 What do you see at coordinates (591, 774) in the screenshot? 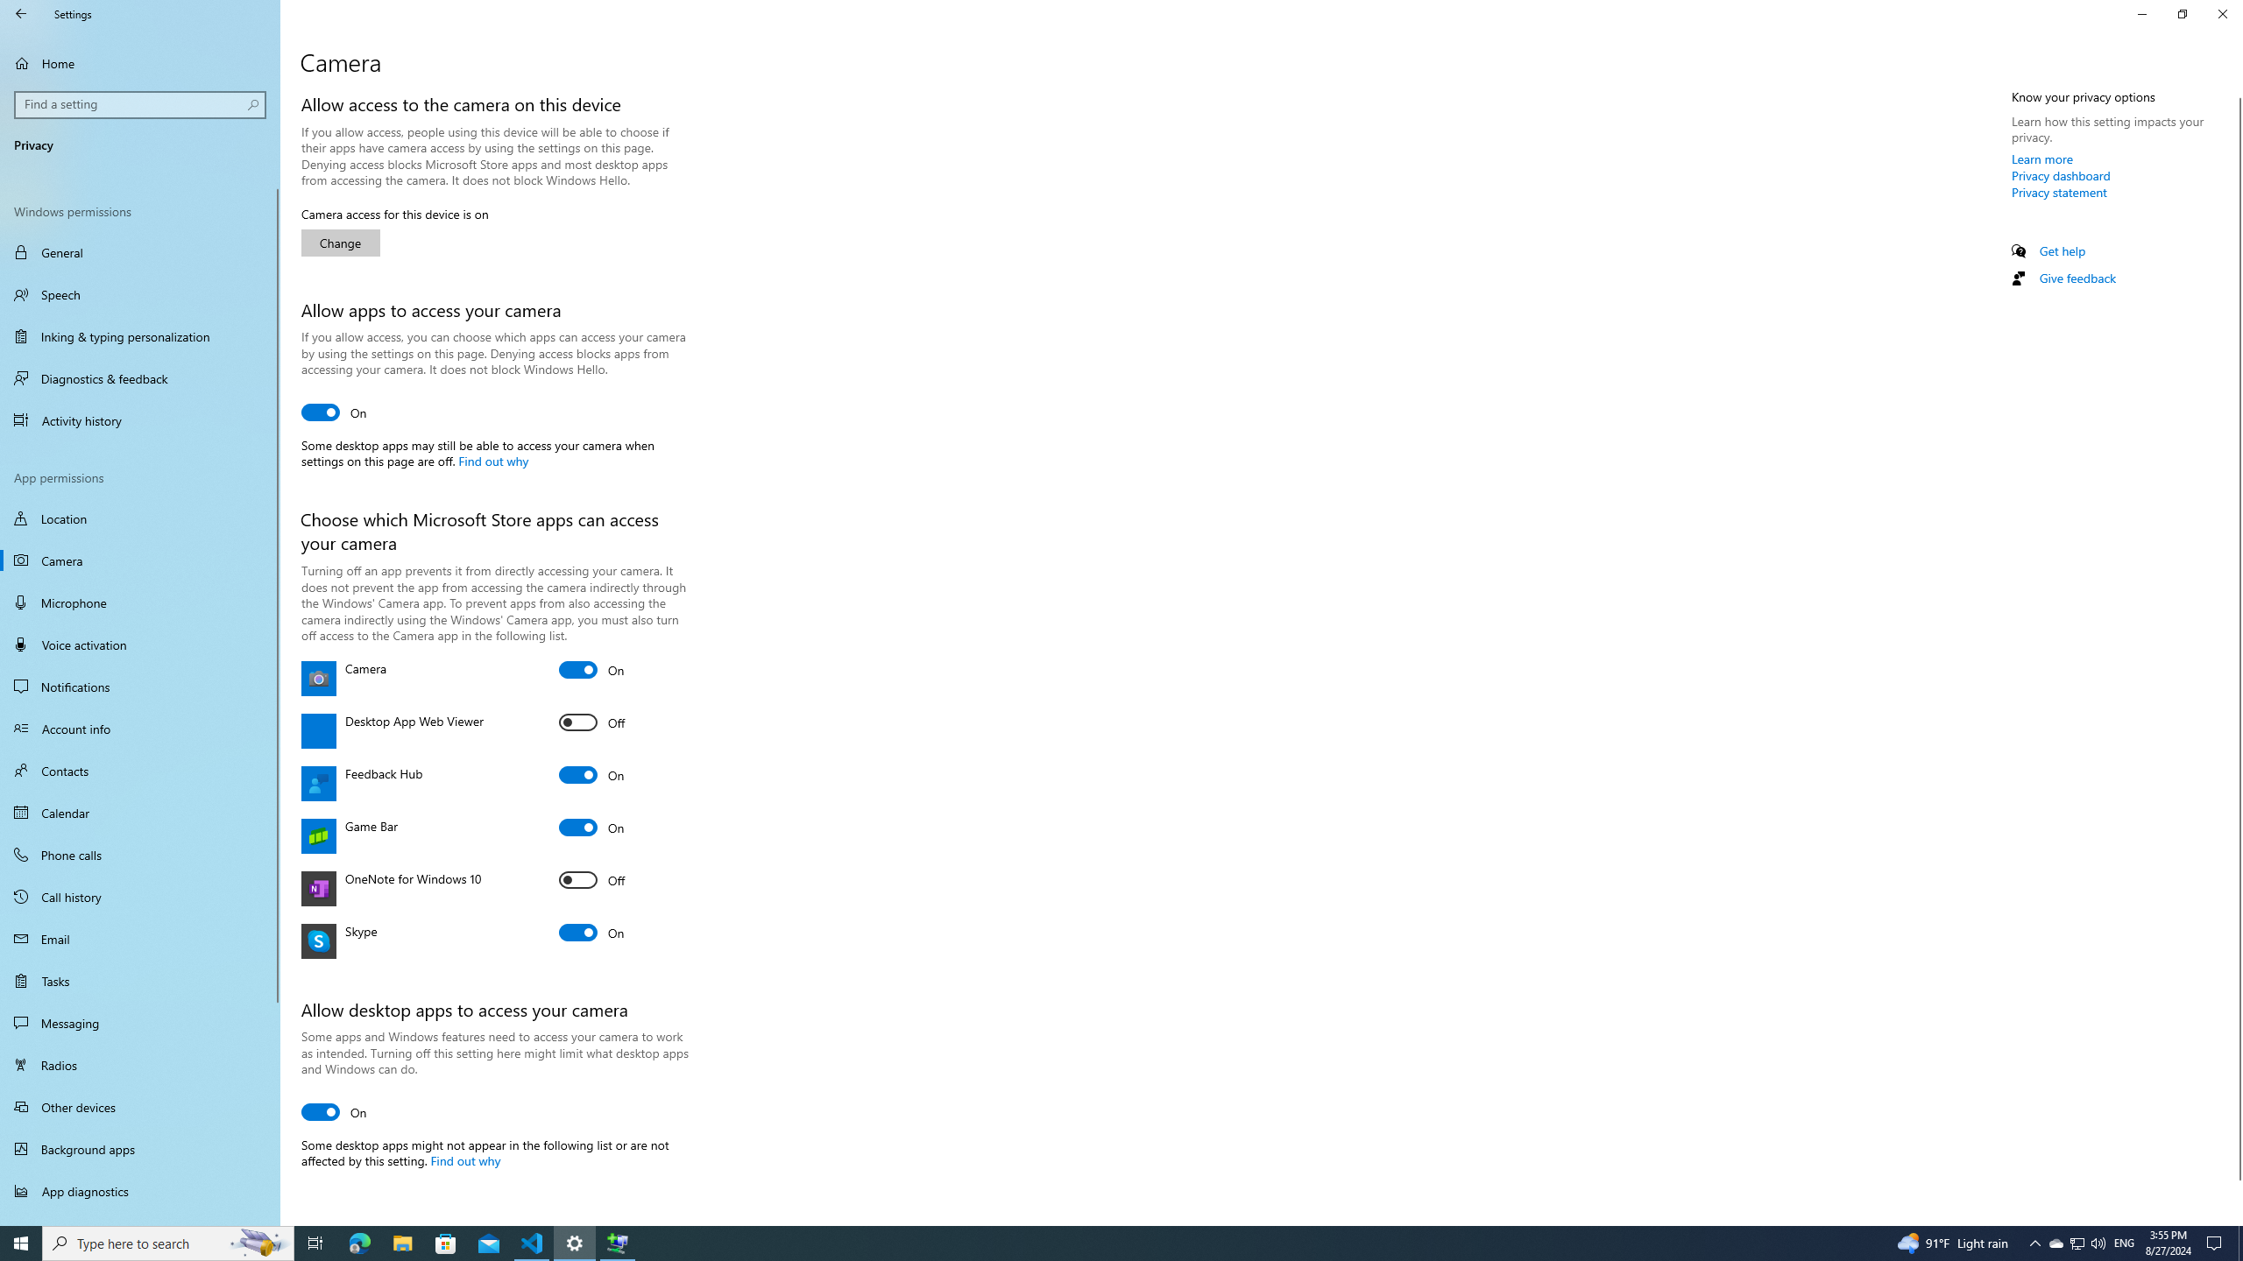
I see `'Feedback Hub'` at bounding box center [591, 774].